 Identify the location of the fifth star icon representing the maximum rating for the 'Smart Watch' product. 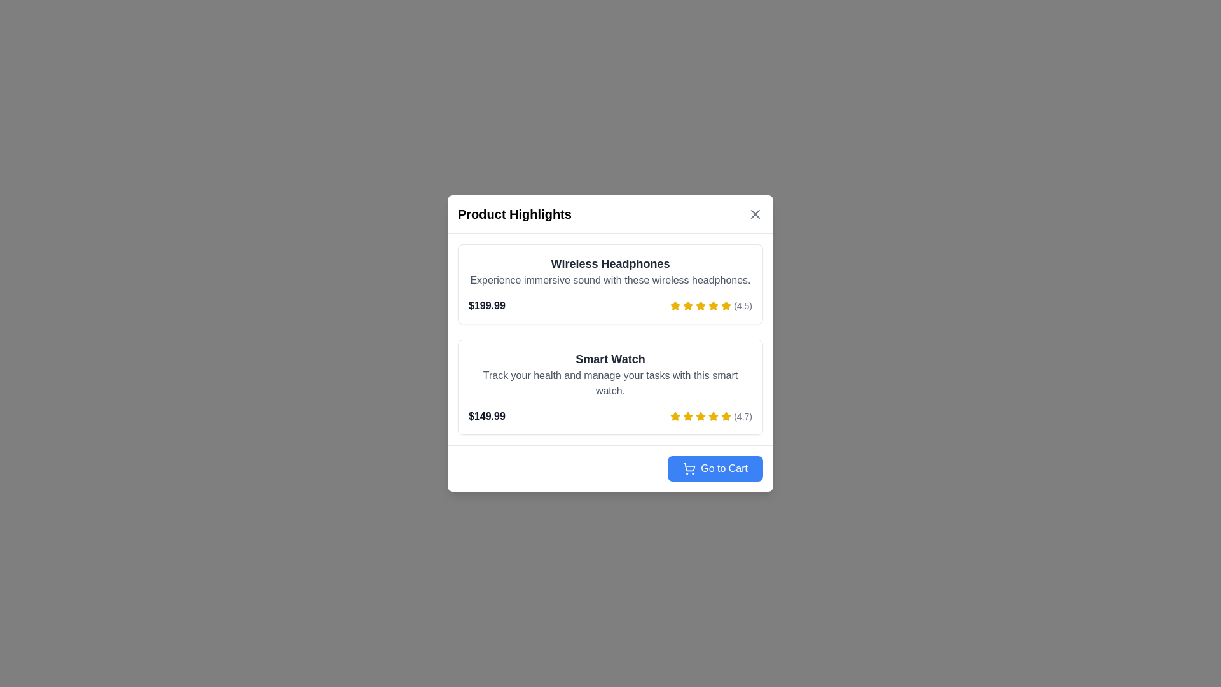
(675, 416).